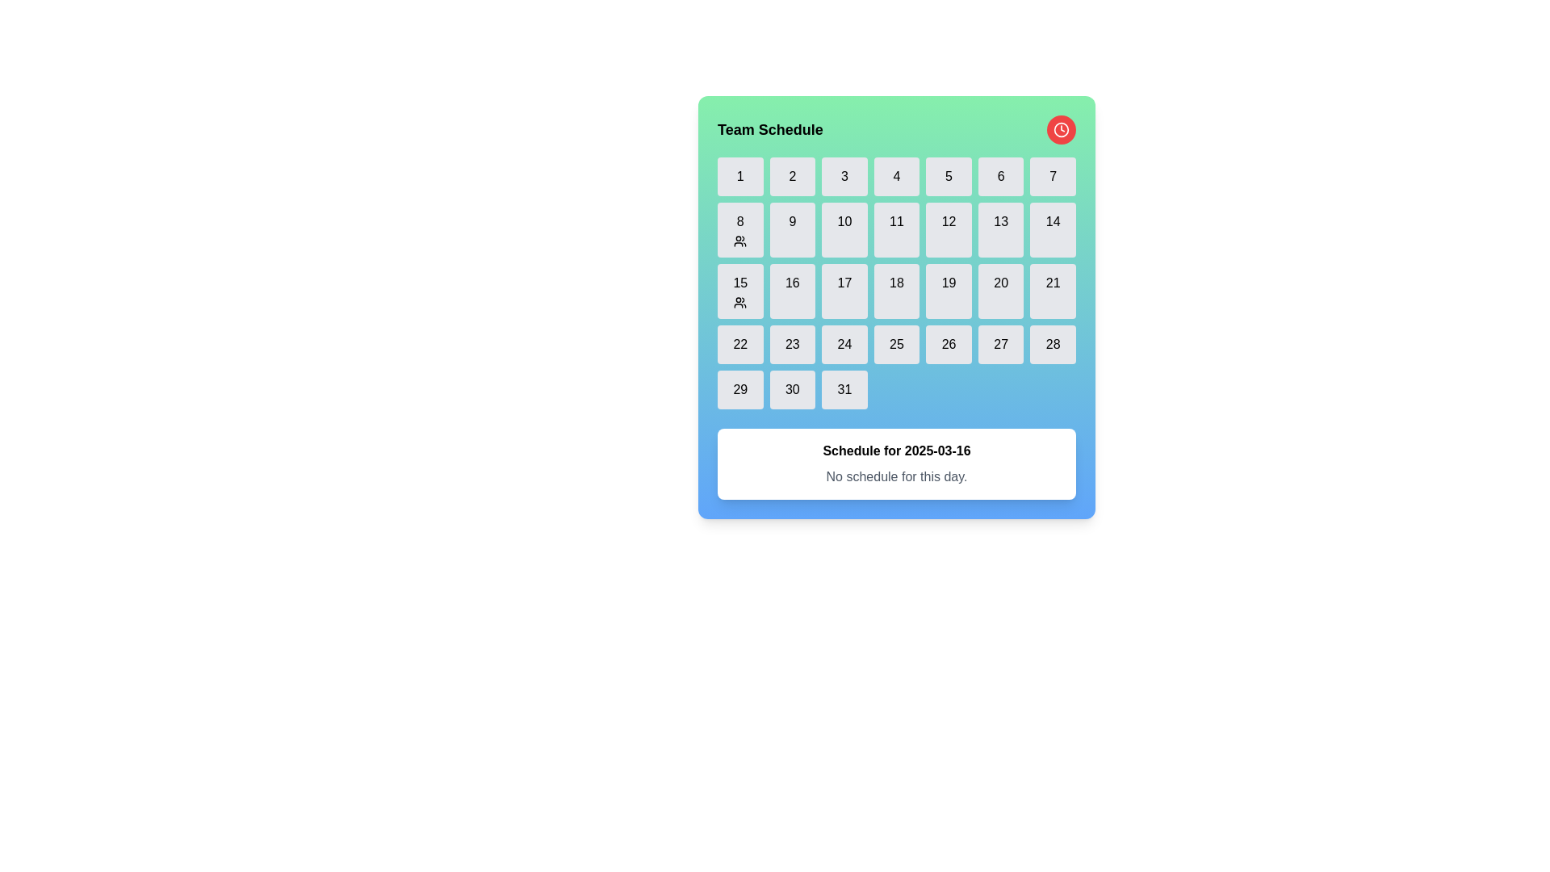 This screenshot has height=872, width=1550. I want to click on the button displaying the number '17' in the calendar-like interface, so click(844, 291).